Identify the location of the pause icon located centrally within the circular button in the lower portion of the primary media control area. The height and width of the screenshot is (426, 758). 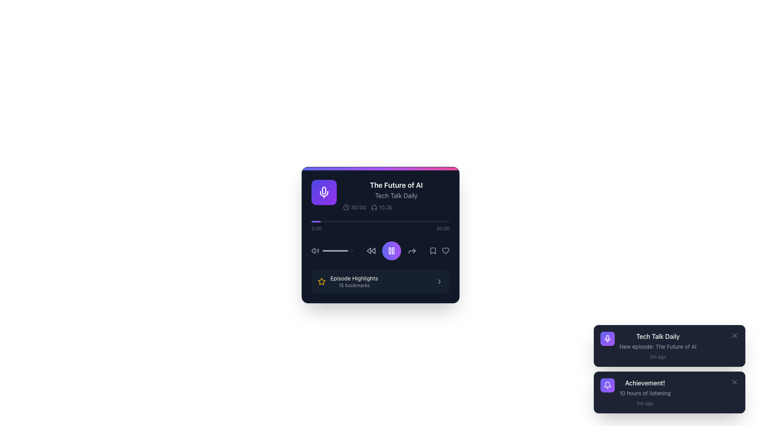
(392, 251).